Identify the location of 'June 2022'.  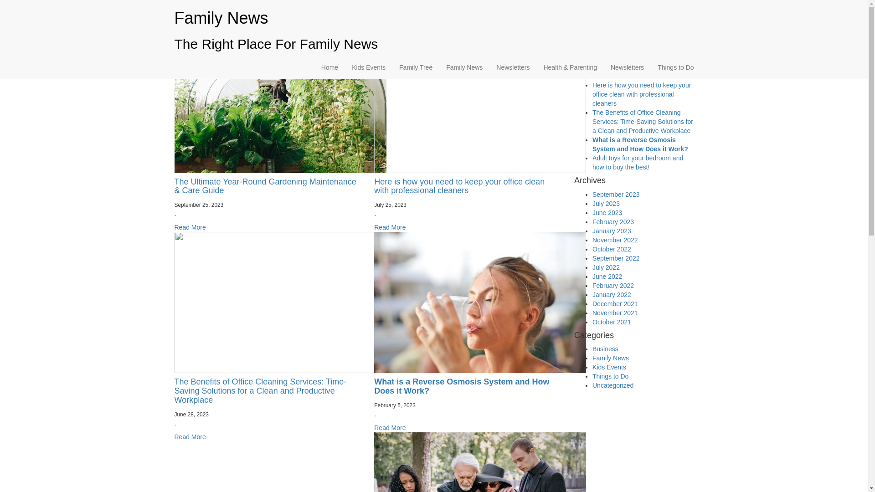
(607, 276).